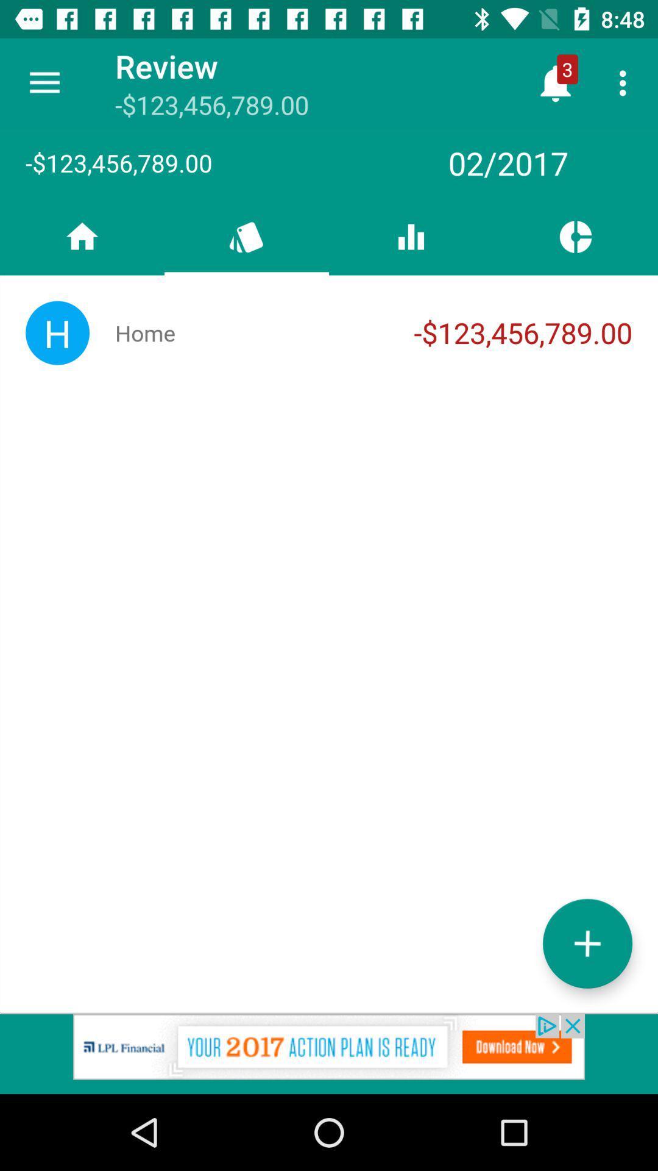 This screenshot has height=1171, width=658. Describe the element at coordinates (329, 1053) in the screenshot. I see `redirects the user to a website` at that location.